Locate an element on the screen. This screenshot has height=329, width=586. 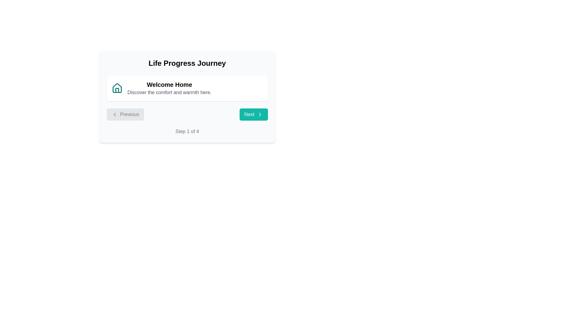
the right-facing chevron icon, which is positioned within a small SVG element to the right of the green 'Next' button is located at coordinates (260, 114).